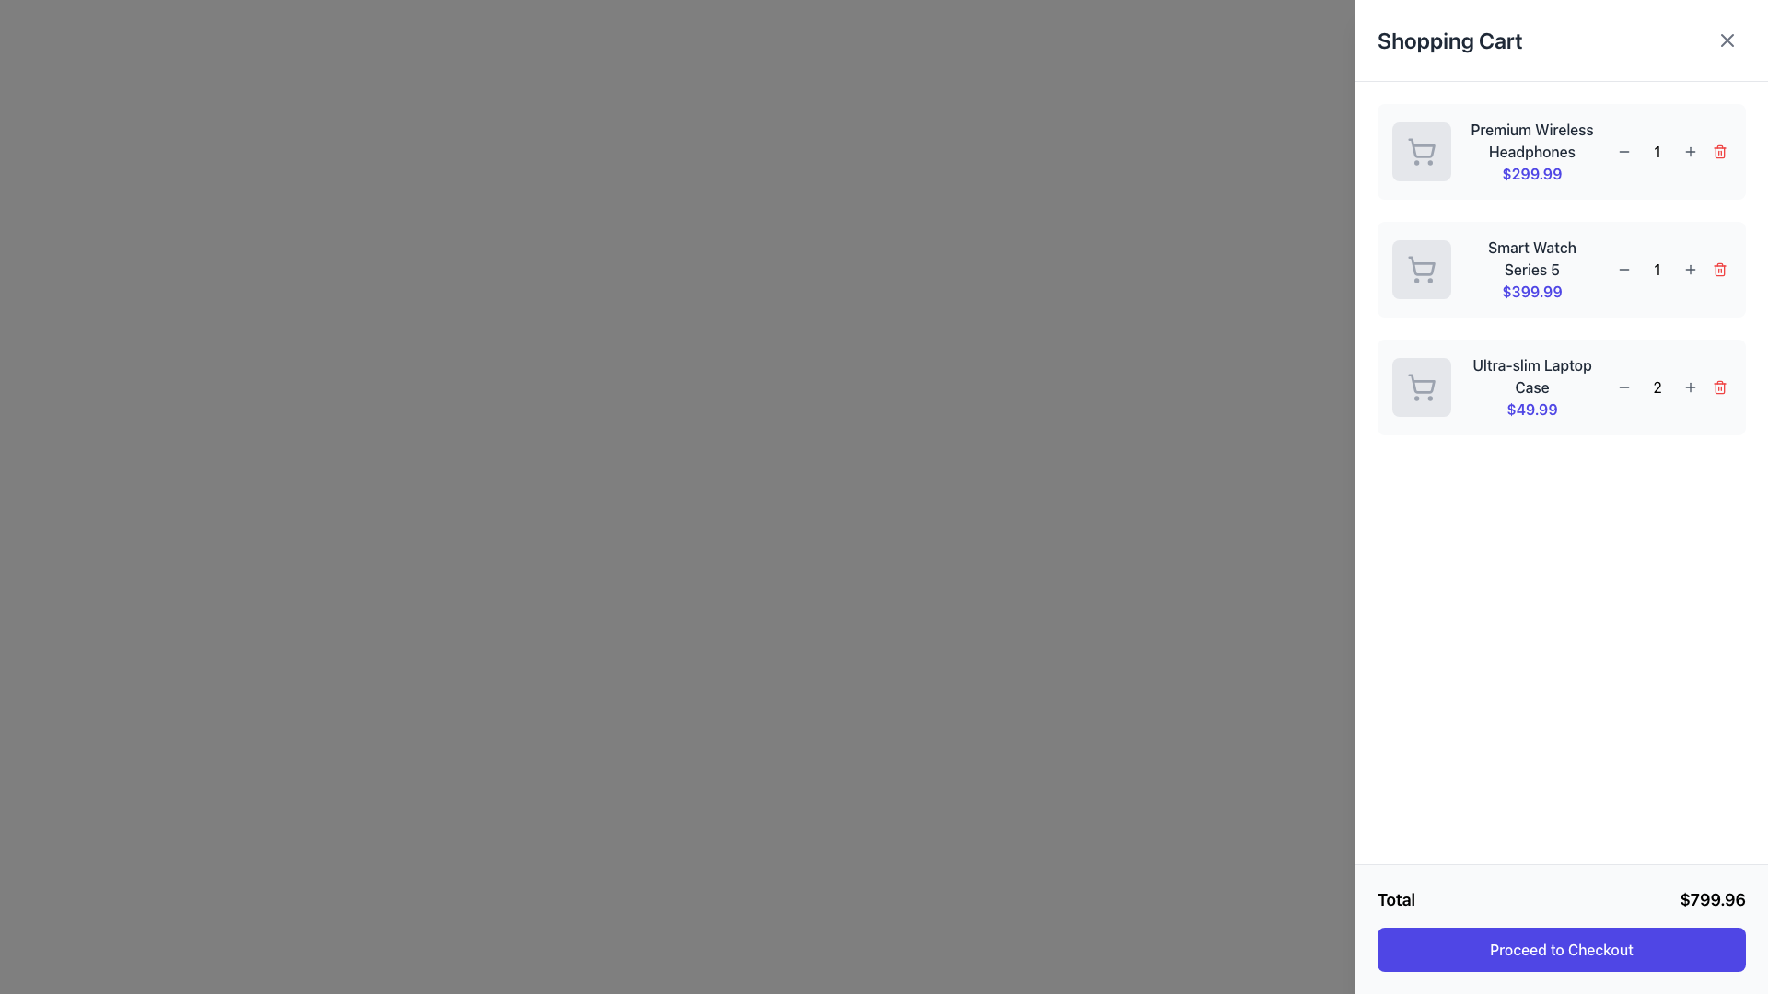 The width and height of the screenshot is (1768, 994). Describe the element at coordinates (1560, 950) in the screenshot. I see `the checkout button located at the bottom of the shopping cart panel, directly below the total price display` at that location.